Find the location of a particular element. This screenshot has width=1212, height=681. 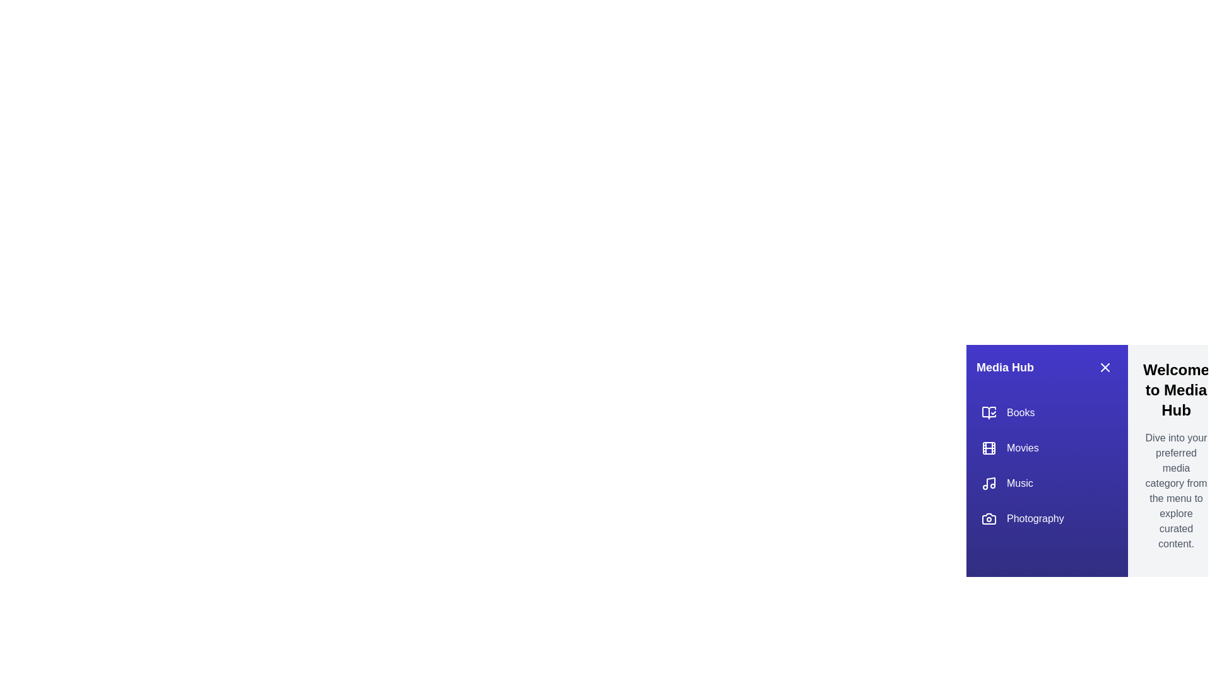

the icon for the category Photography is located at coordinates (988, 518).